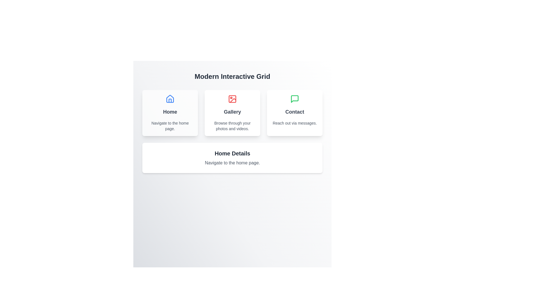  What do you see at coordinates (232, 125) in the screenshot?
I see `the text label that reads 'Browse through your photos and videos' located in the 'Gallery' section of the interface` at bounding box center [232, 125].